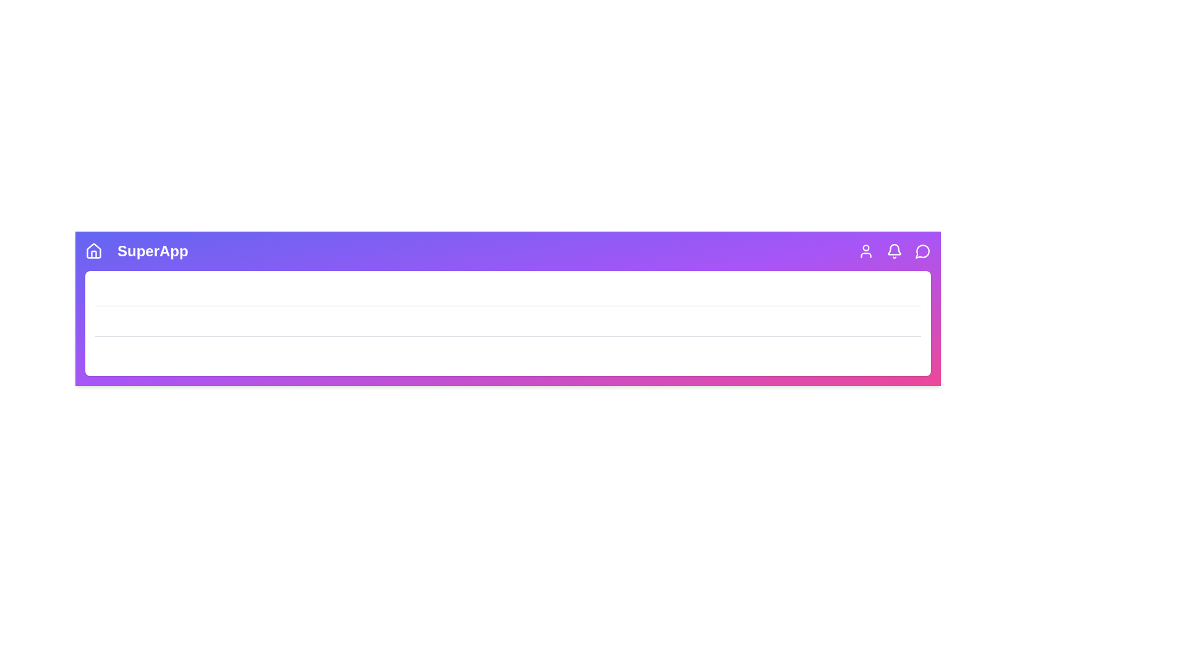 The image size is (1187, 667). What do you see at coordinates (93, 251) in the screenshot?
I see `the Home icon to navigate to the homepage` at bounding box center [93, 251].